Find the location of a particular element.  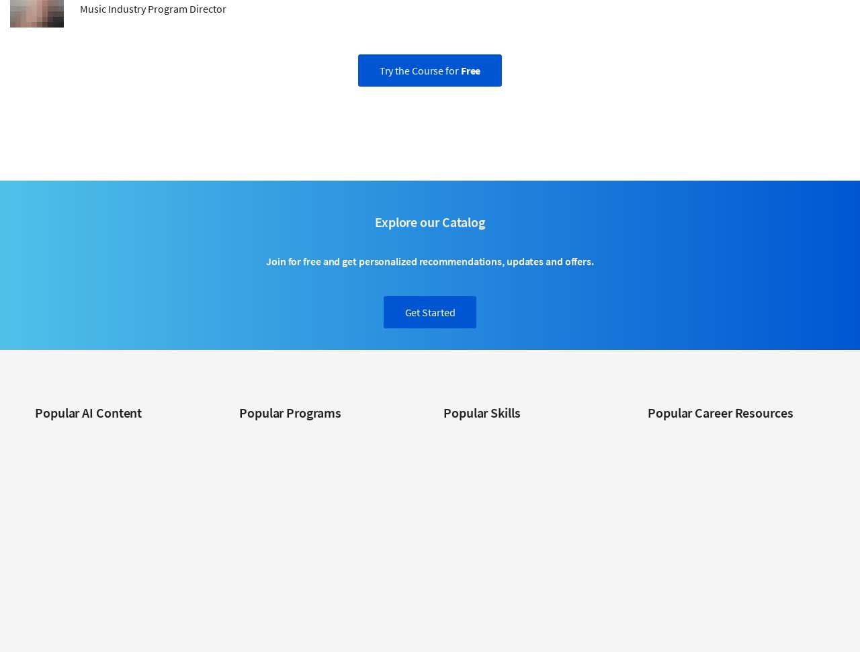

'Popular PMI Certifications' is located at coordinates (699, 617).